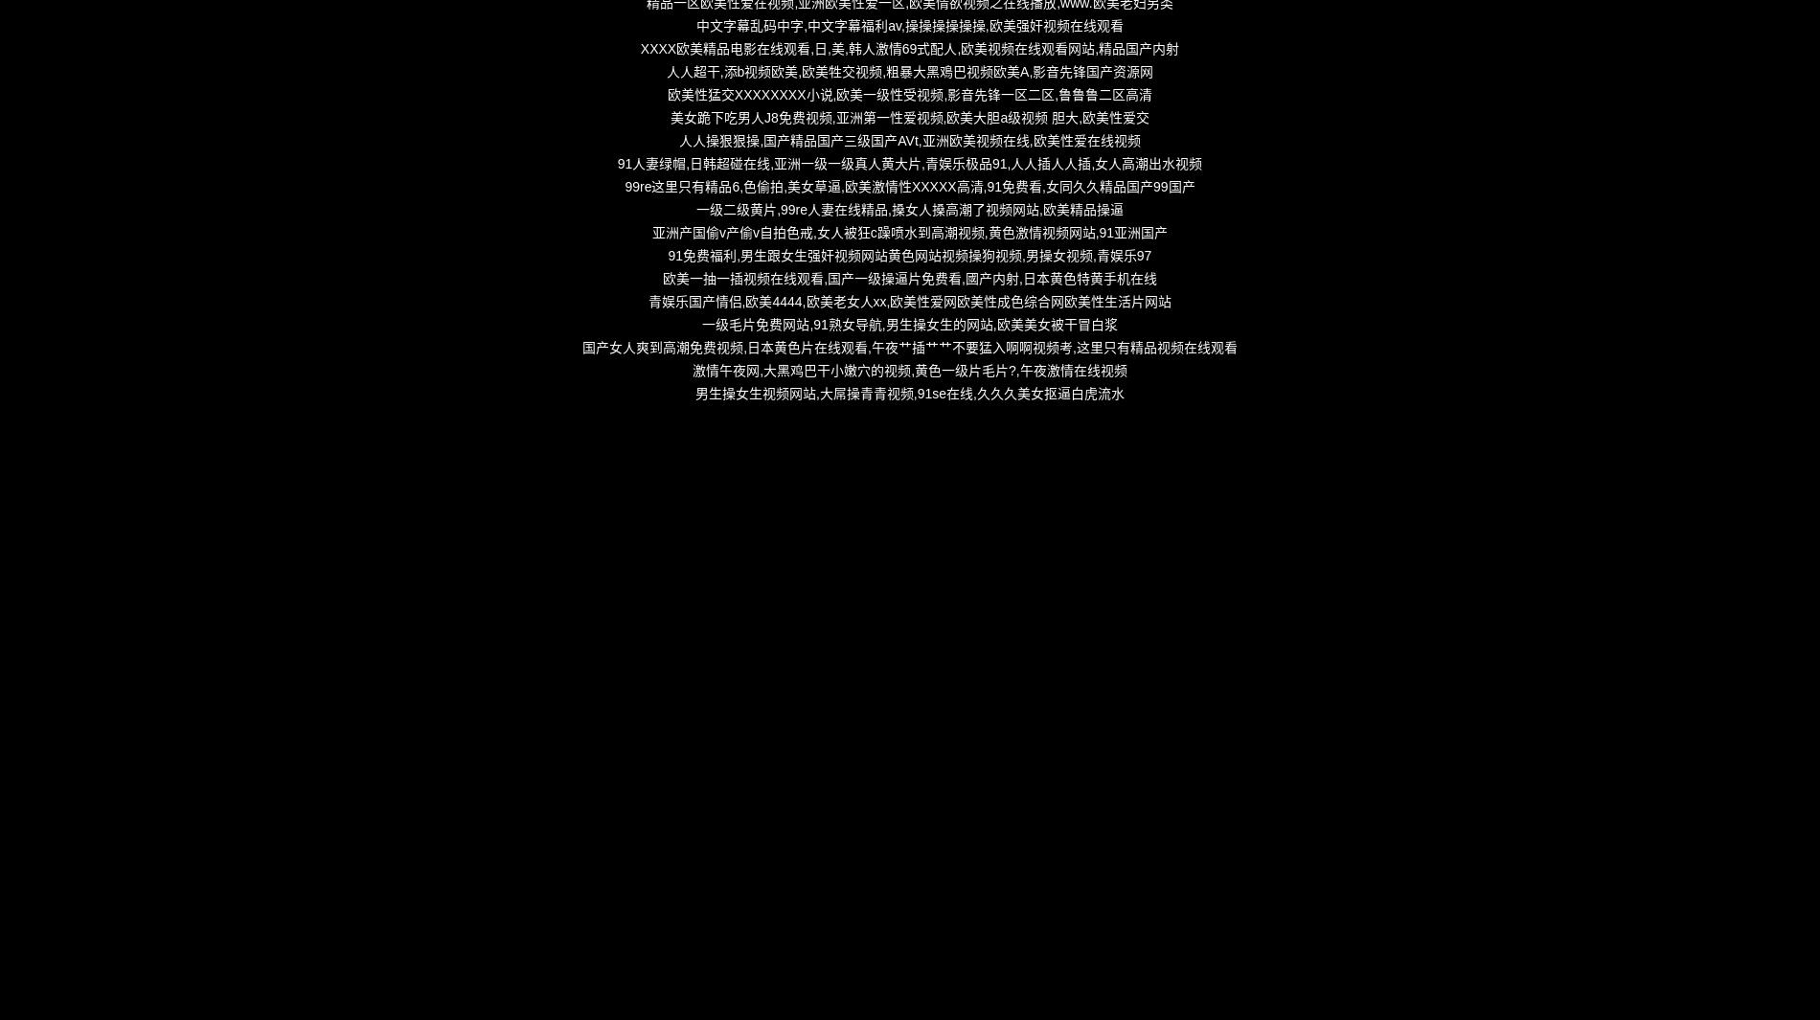 This screenshot has width=1820, height=1020. Describe the element at coordinates (908, 277) in the screenshot. I see `'欧美一抽一插视频在线观看,国产一级操逼片免费看,國产内射,日本黄色特黄手机在线'` at that location.